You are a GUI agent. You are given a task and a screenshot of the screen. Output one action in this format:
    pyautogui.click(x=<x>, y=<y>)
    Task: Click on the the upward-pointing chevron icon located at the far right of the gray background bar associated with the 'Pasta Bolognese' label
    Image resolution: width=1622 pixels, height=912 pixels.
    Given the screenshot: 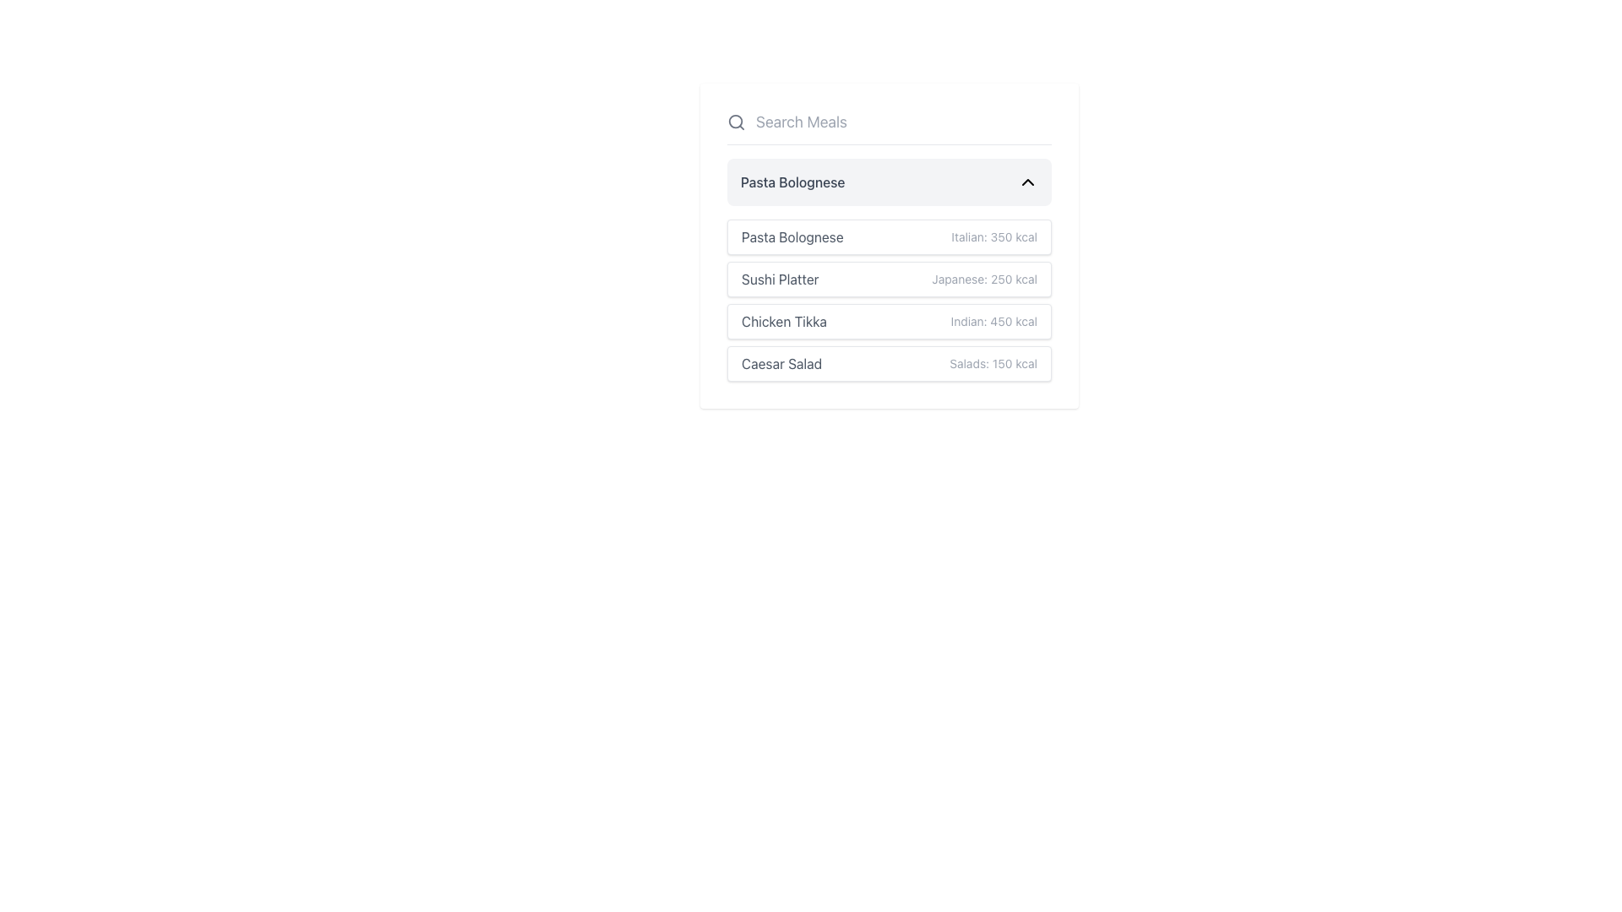 What is the action you would take?
    pyautogui.click(x=1027, y=182)
    